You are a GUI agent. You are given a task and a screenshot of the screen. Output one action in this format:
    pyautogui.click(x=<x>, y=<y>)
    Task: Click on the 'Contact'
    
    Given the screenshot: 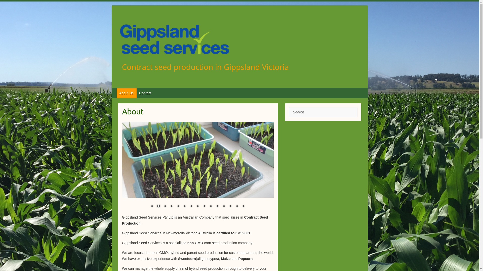 What is the action you would take?
    pyautogui.click(x=145, y=93)
    